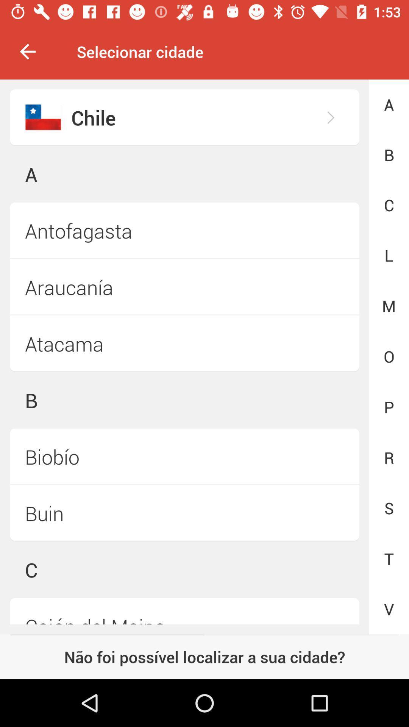  I want to click on atacama icon, so click(184, 343).